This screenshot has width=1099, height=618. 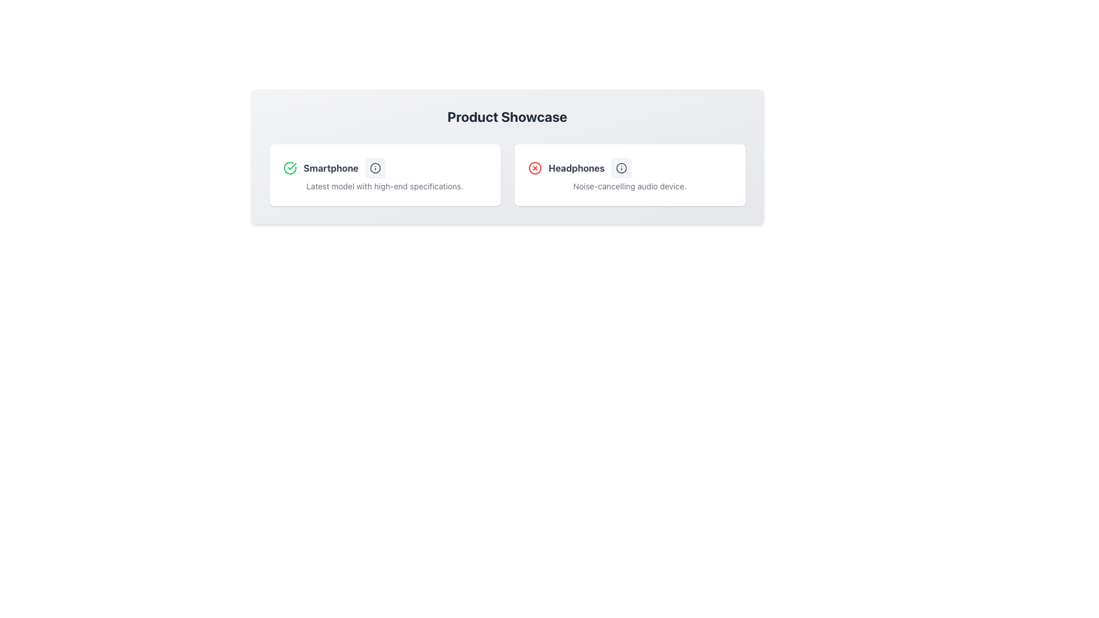 I want to click on the text label that reads 'Noise-cancelling audio device' styled in muted gray font beneath the heading 'Headphones', so click(x=629, y=186).